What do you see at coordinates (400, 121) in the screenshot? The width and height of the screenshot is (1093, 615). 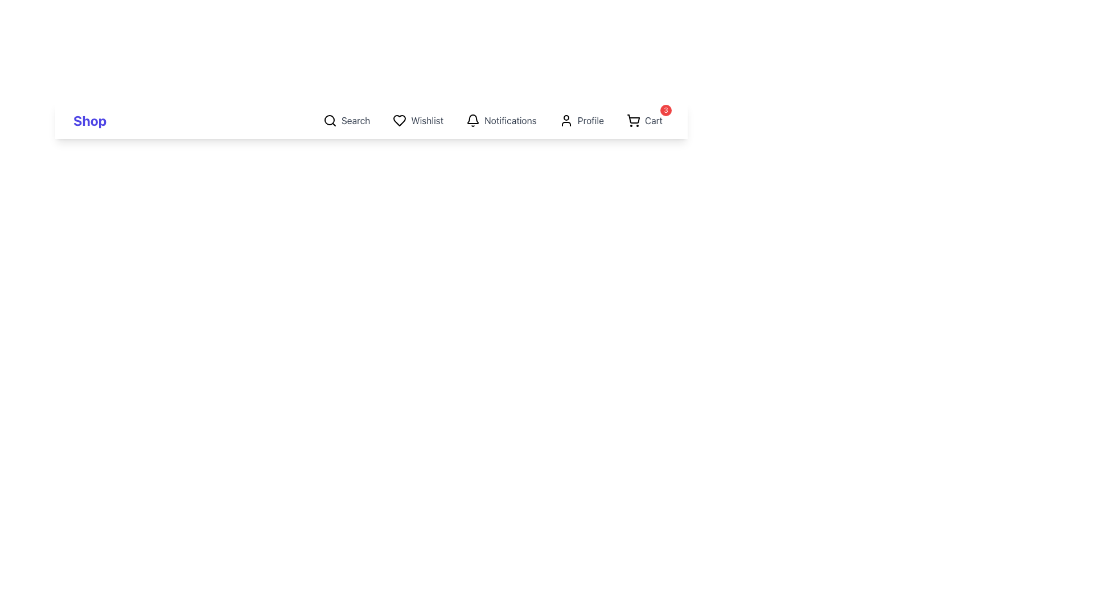 I see `the heart-shaped icon in the navigation bar` at bounding box center [400, 121].